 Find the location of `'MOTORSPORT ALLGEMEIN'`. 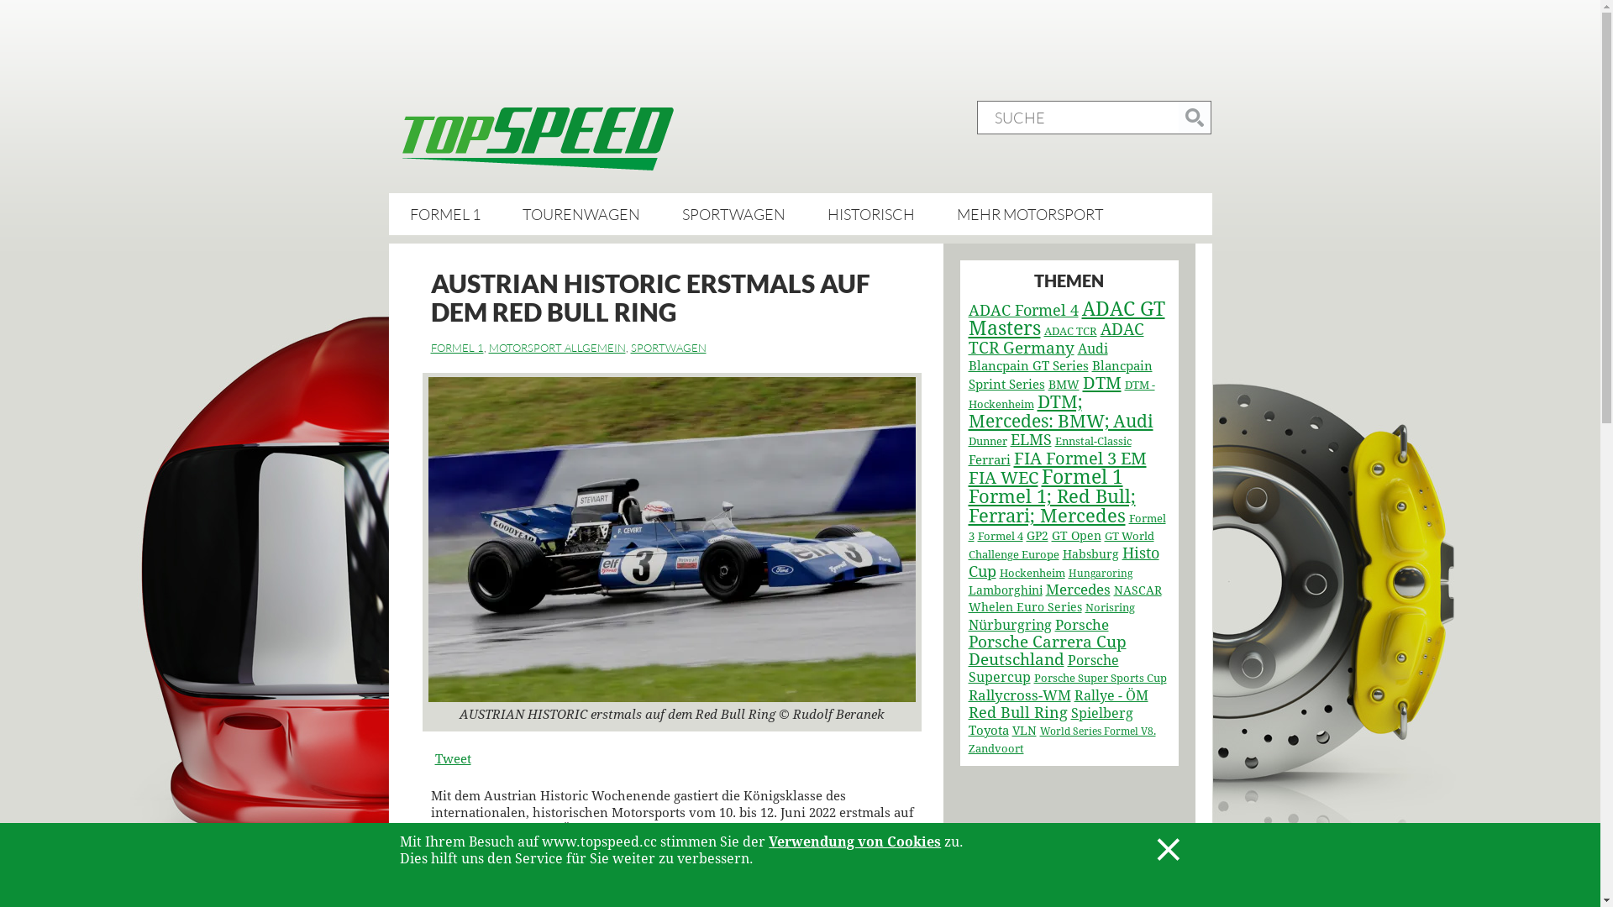

'MOTORSPORT ALLGEMEIN' is located at coordinates (557, 346).